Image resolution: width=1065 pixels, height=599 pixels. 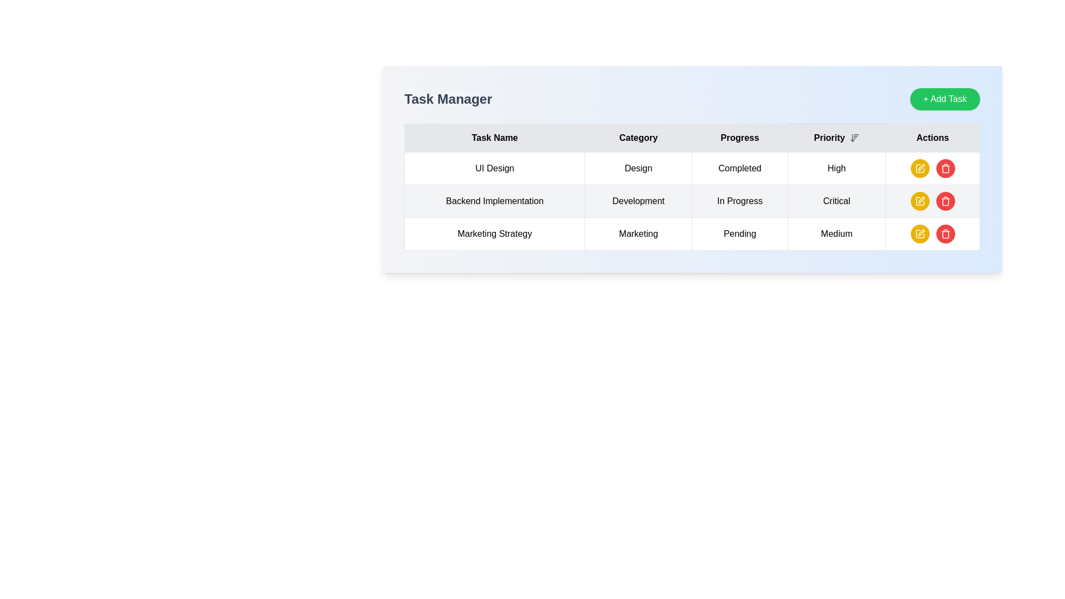 I want to click on the yellow circular icon button in the 'Actions' column of the third row in the task table to edit the 'Marketing Strategy' task details, so click(x=920, y=233).